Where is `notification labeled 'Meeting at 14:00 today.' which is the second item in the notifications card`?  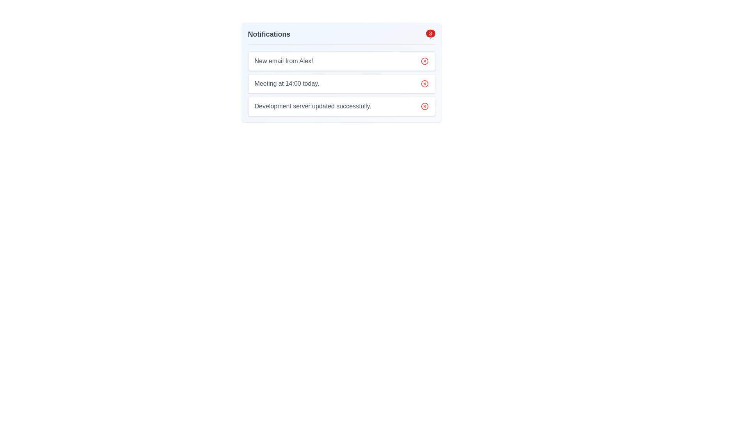 notification labeled 'Meeting at 14:00 today.' which is the second item in the notifications card is located at coordinates (341, 84).